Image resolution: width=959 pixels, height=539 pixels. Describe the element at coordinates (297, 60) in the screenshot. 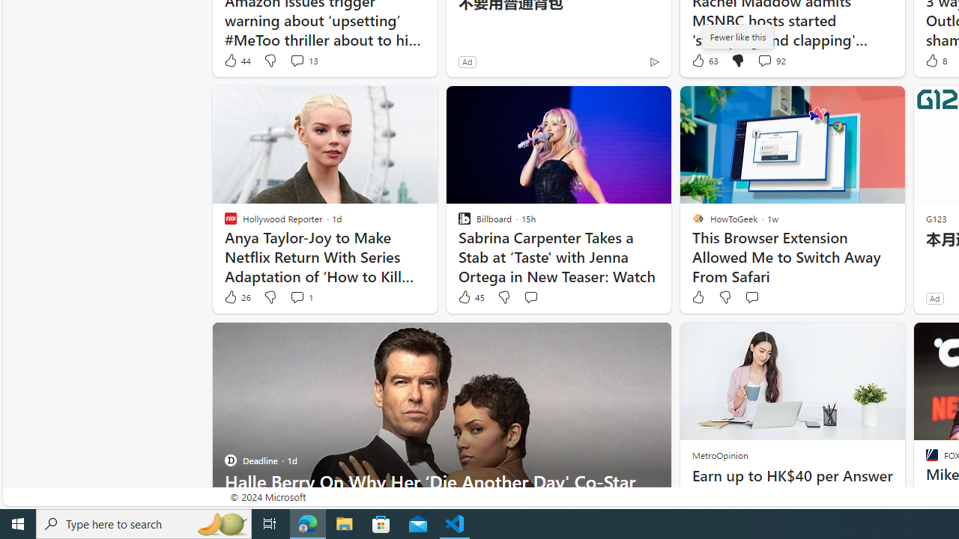

I see `'View comments 13 Comment'` at that location.